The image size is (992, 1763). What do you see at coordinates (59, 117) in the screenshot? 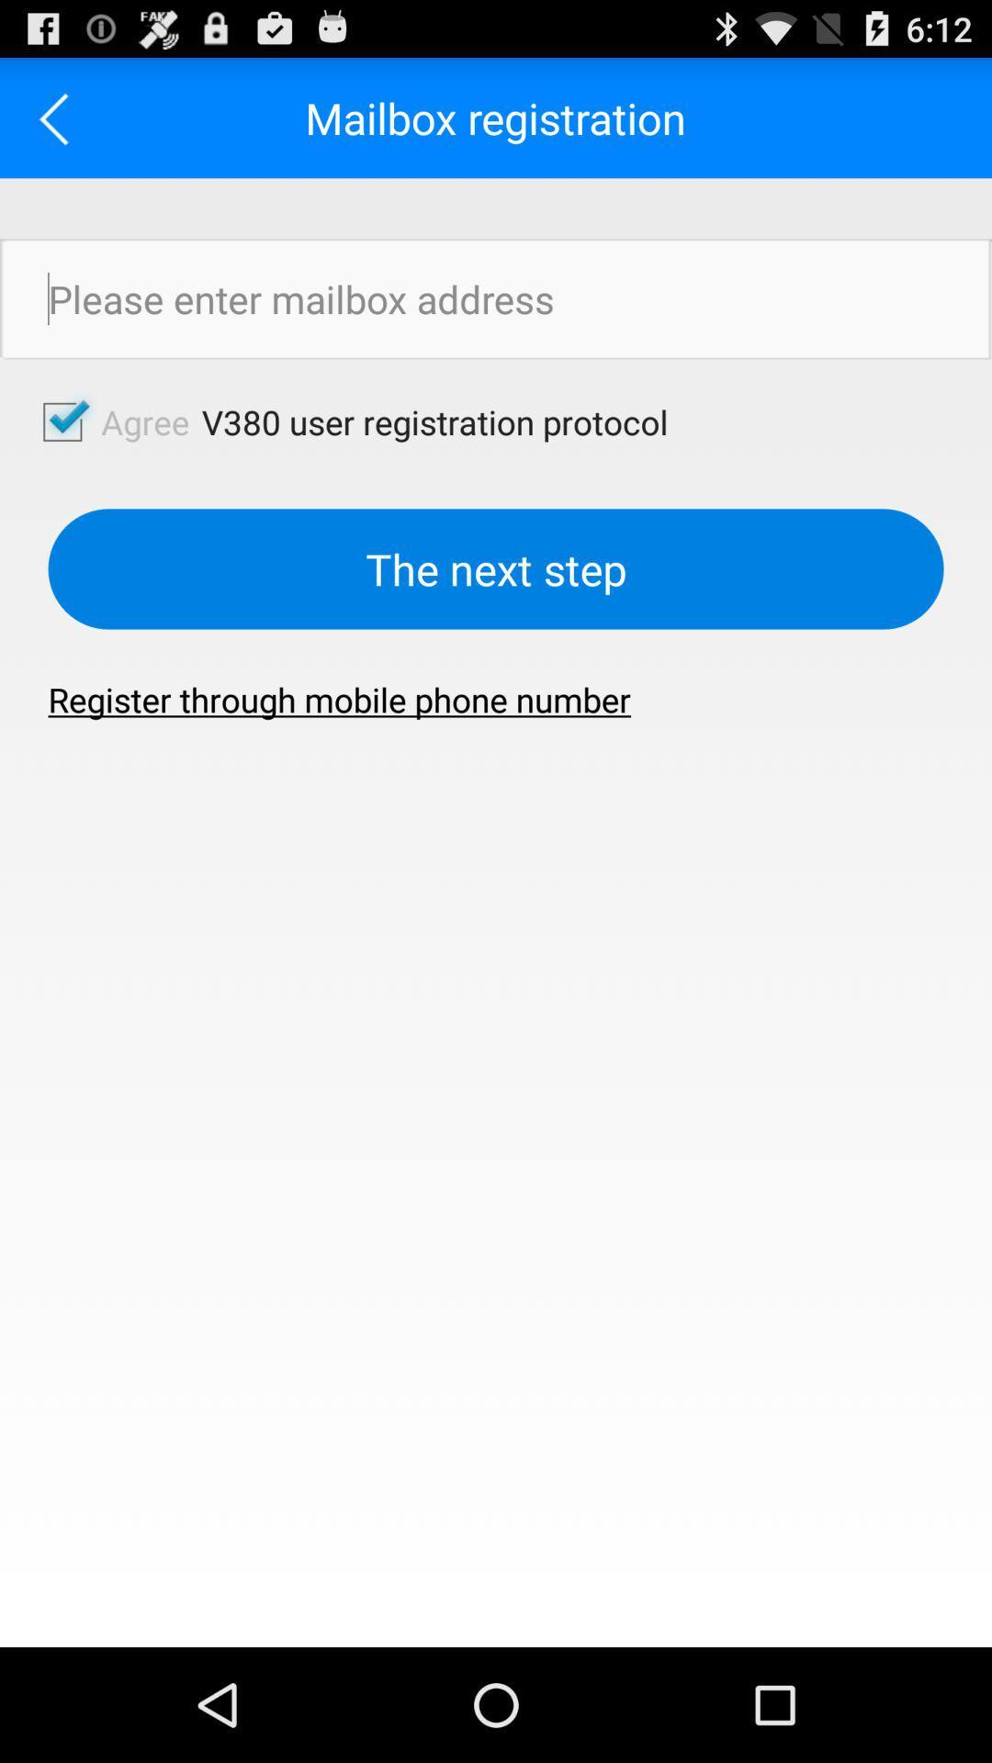
I see `the icon next to the mailbox registration app` at bounding box center [59, 117].